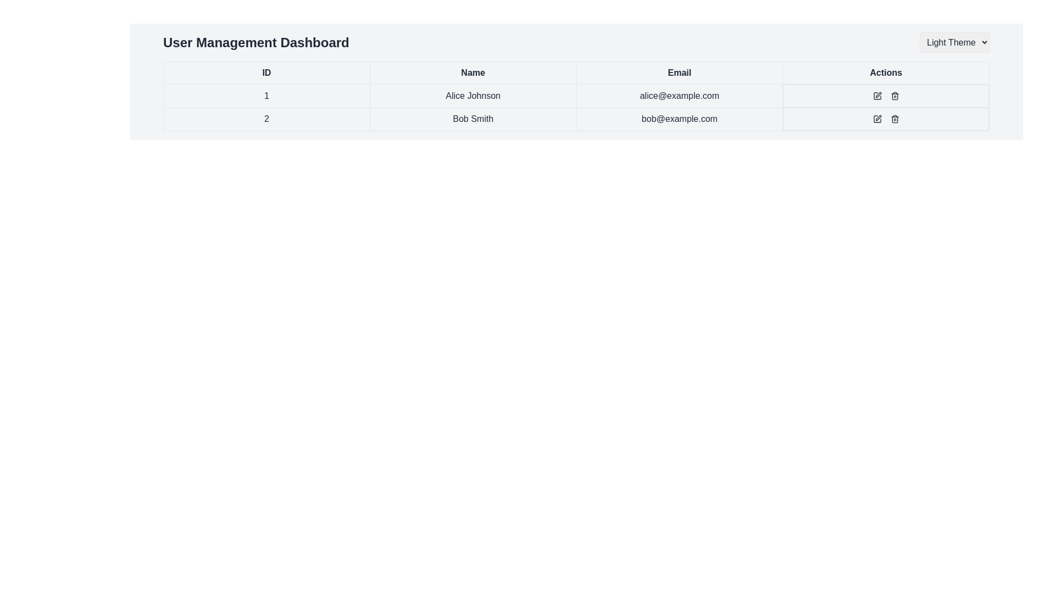 The width and height of the screenshot is (1055, 593). What do you see at coordinates (679, 95) in the screenshot?
I see `the table cell containing the email 'alice@example.com', which is located in the third column of the first data row, positioned between 'Alice Johnson' and the actions cell` at bounding box center [679, 95].